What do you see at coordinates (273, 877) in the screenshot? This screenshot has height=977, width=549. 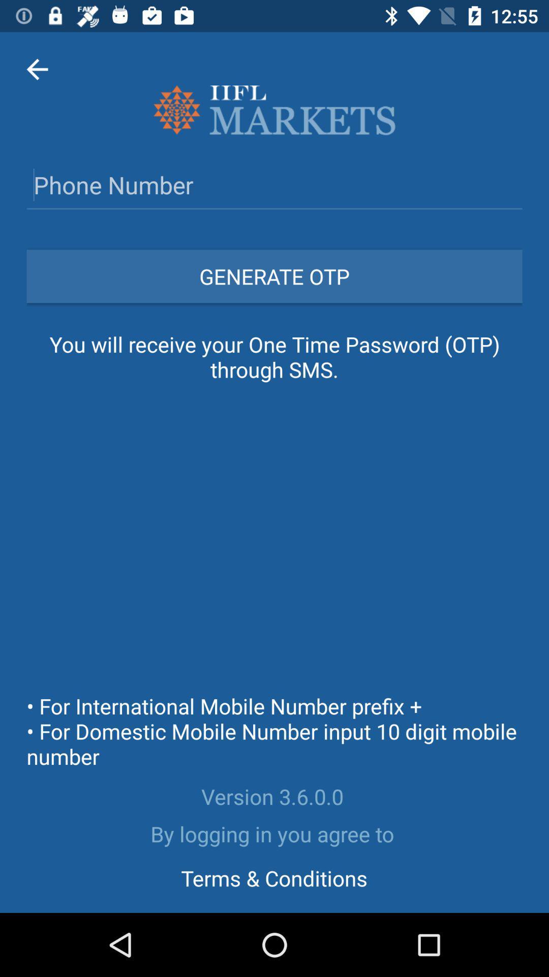 I see `terms & conditions icon` at bounding box center [273, 877].